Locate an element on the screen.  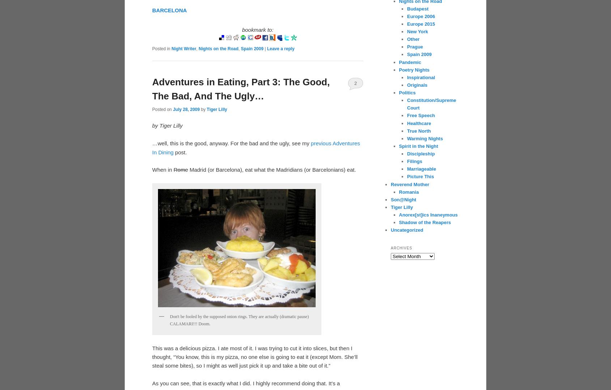
'Other' is located at coordinates (413, 39).